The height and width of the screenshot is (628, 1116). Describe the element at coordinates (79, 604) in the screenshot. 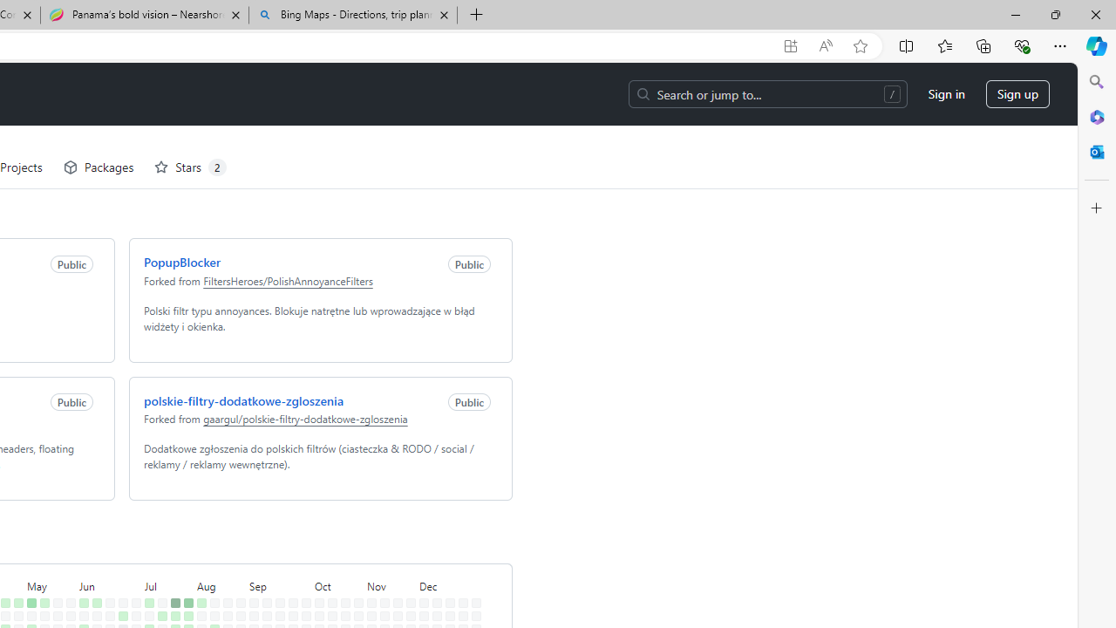

I see `'No contributions on June 7th.'` at that location.